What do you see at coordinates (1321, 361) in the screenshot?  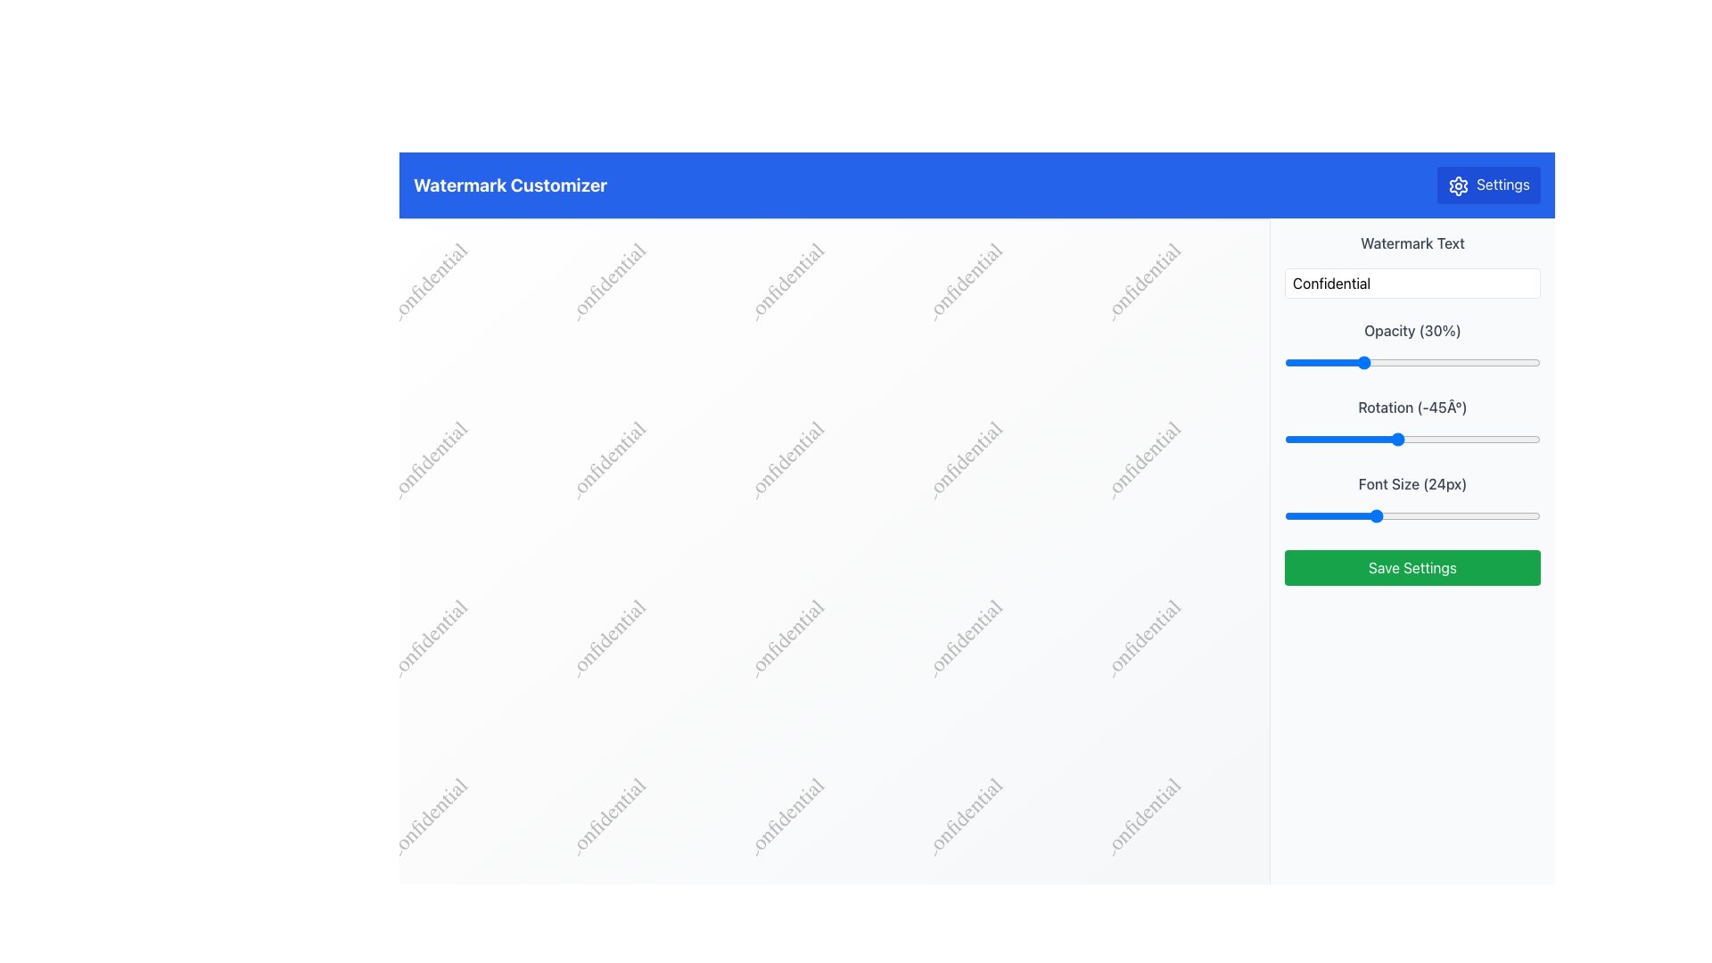 I see `the opacity` at bounding box center [1321, 361].